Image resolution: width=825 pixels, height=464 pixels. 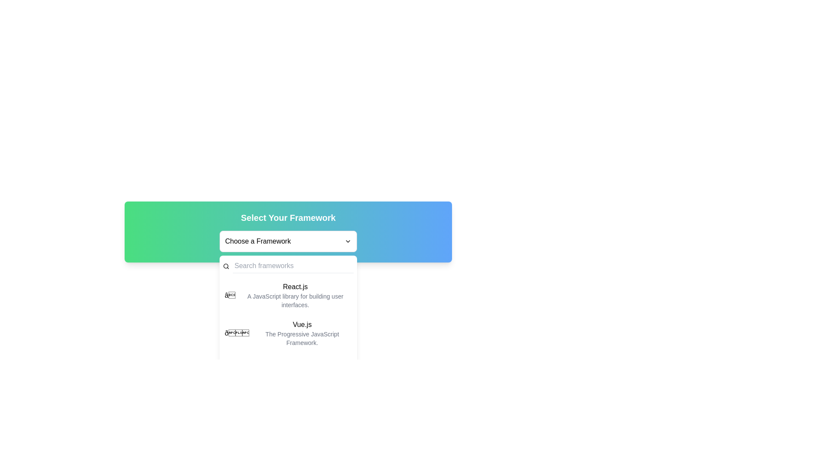 What do you see at coordinates (295, 287) in the screenshot?
I see `the label or title text that identifies the React.js item in the dropdown menu, positioned above the descriptive text` at bounding box center [295, 287].